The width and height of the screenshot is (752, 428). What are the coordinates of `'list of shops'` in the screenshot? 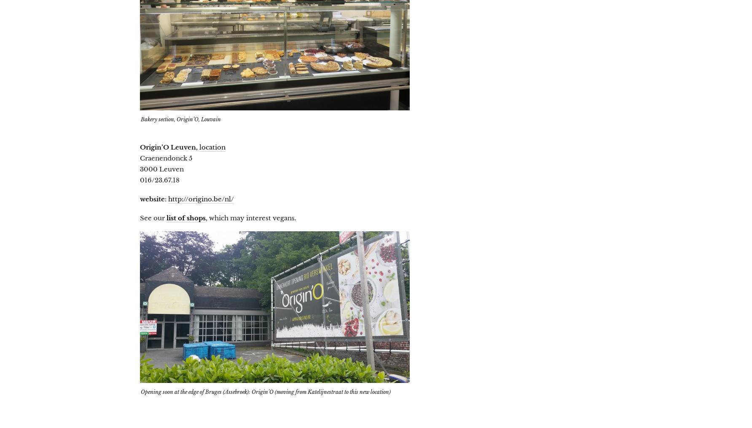 It's located at (166, 217).